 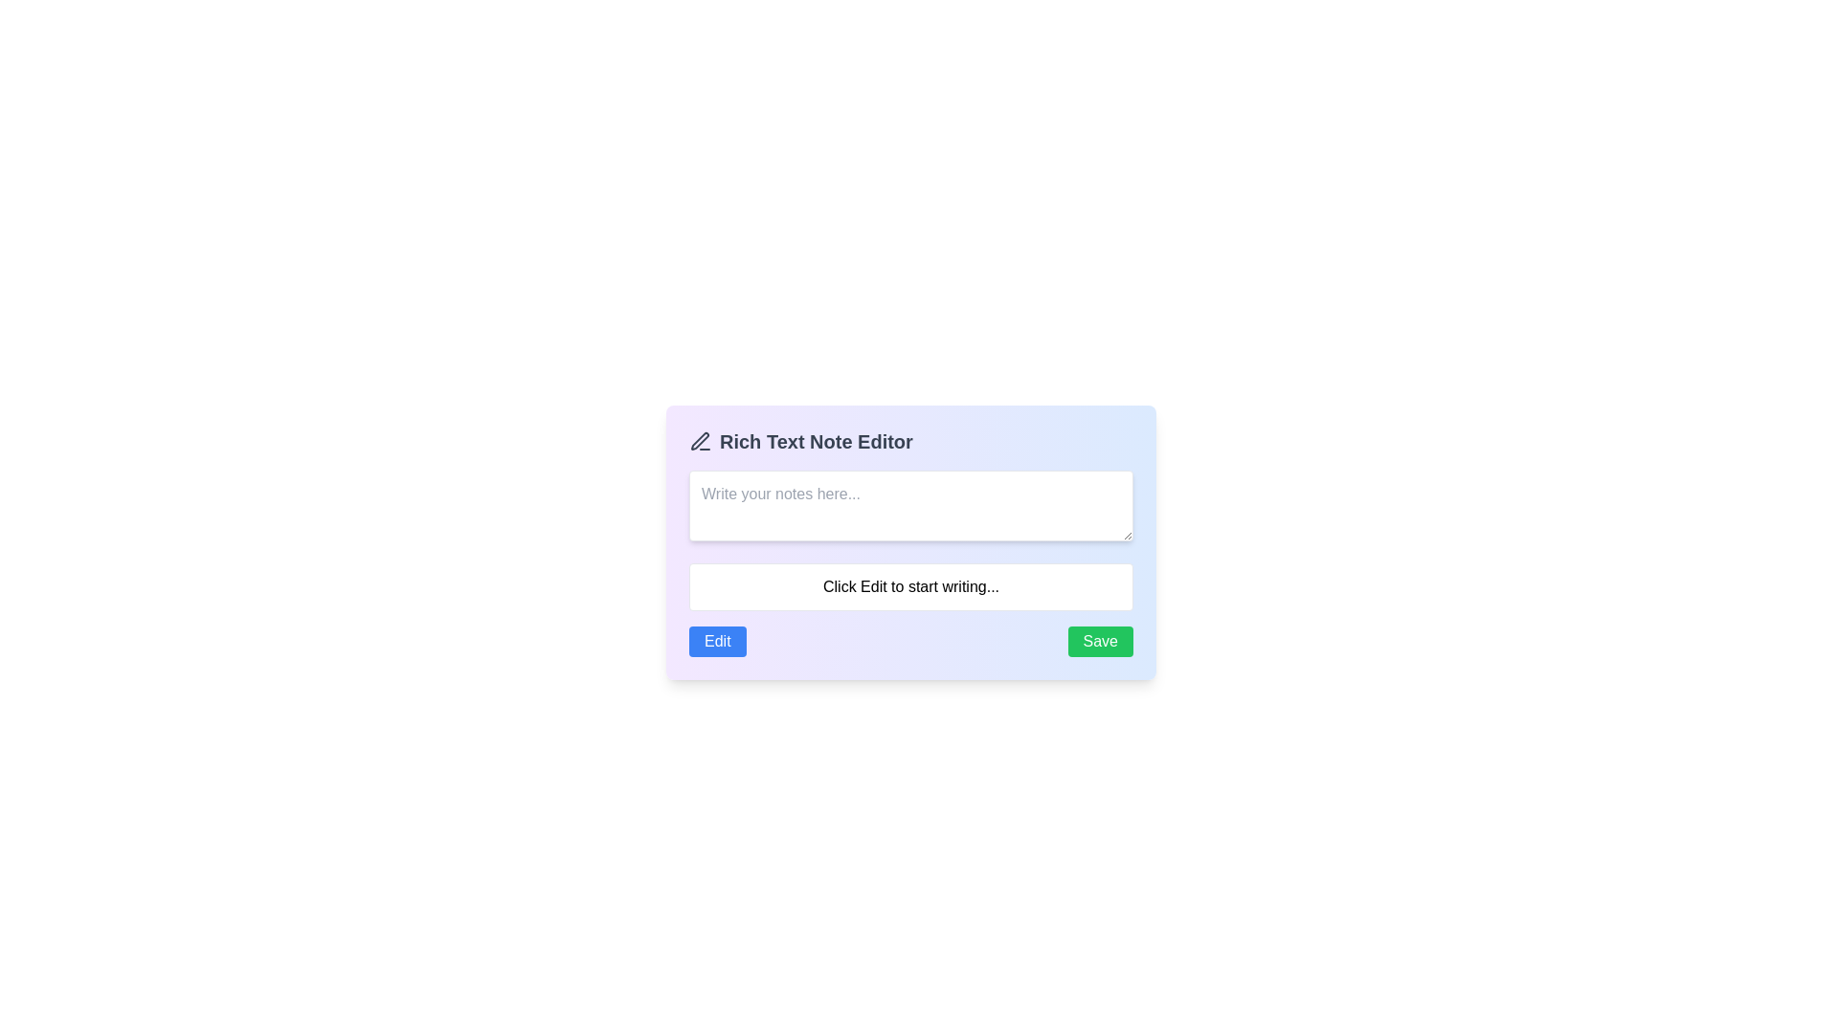 I want to click on the Decorative SVG icon in the top-left corner of the 'Rich Text Note Editor' interface, which indicates text-editing capabilities, so click(x=699, y=441).